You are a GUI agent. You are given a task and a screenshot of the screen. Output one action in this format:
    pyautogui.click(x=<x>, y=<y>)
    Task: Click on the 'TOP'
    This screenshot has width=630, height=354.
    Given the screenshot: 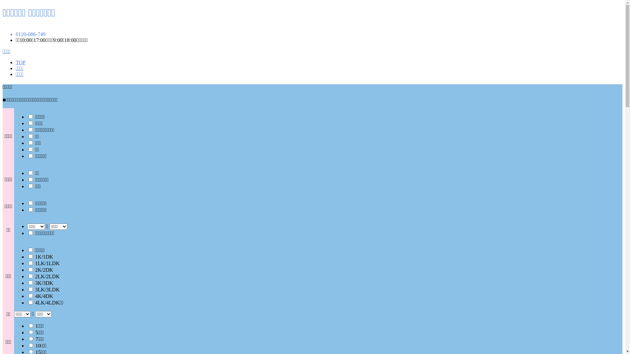 What is the action you would take?
    pyautogui.click(x=20, y=62)
    